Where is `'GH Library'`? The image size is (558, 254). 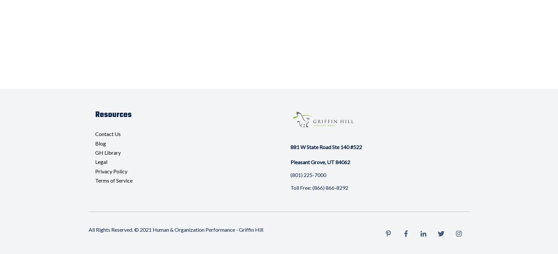 'GH Library' is located at coordinates (107, 152).